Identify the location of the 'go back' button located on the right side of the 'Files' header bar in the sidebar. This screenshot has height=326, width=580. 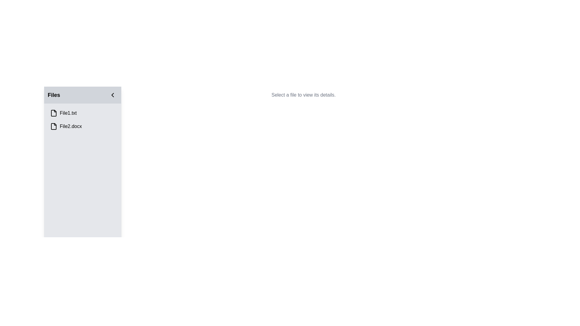
(113, 95).